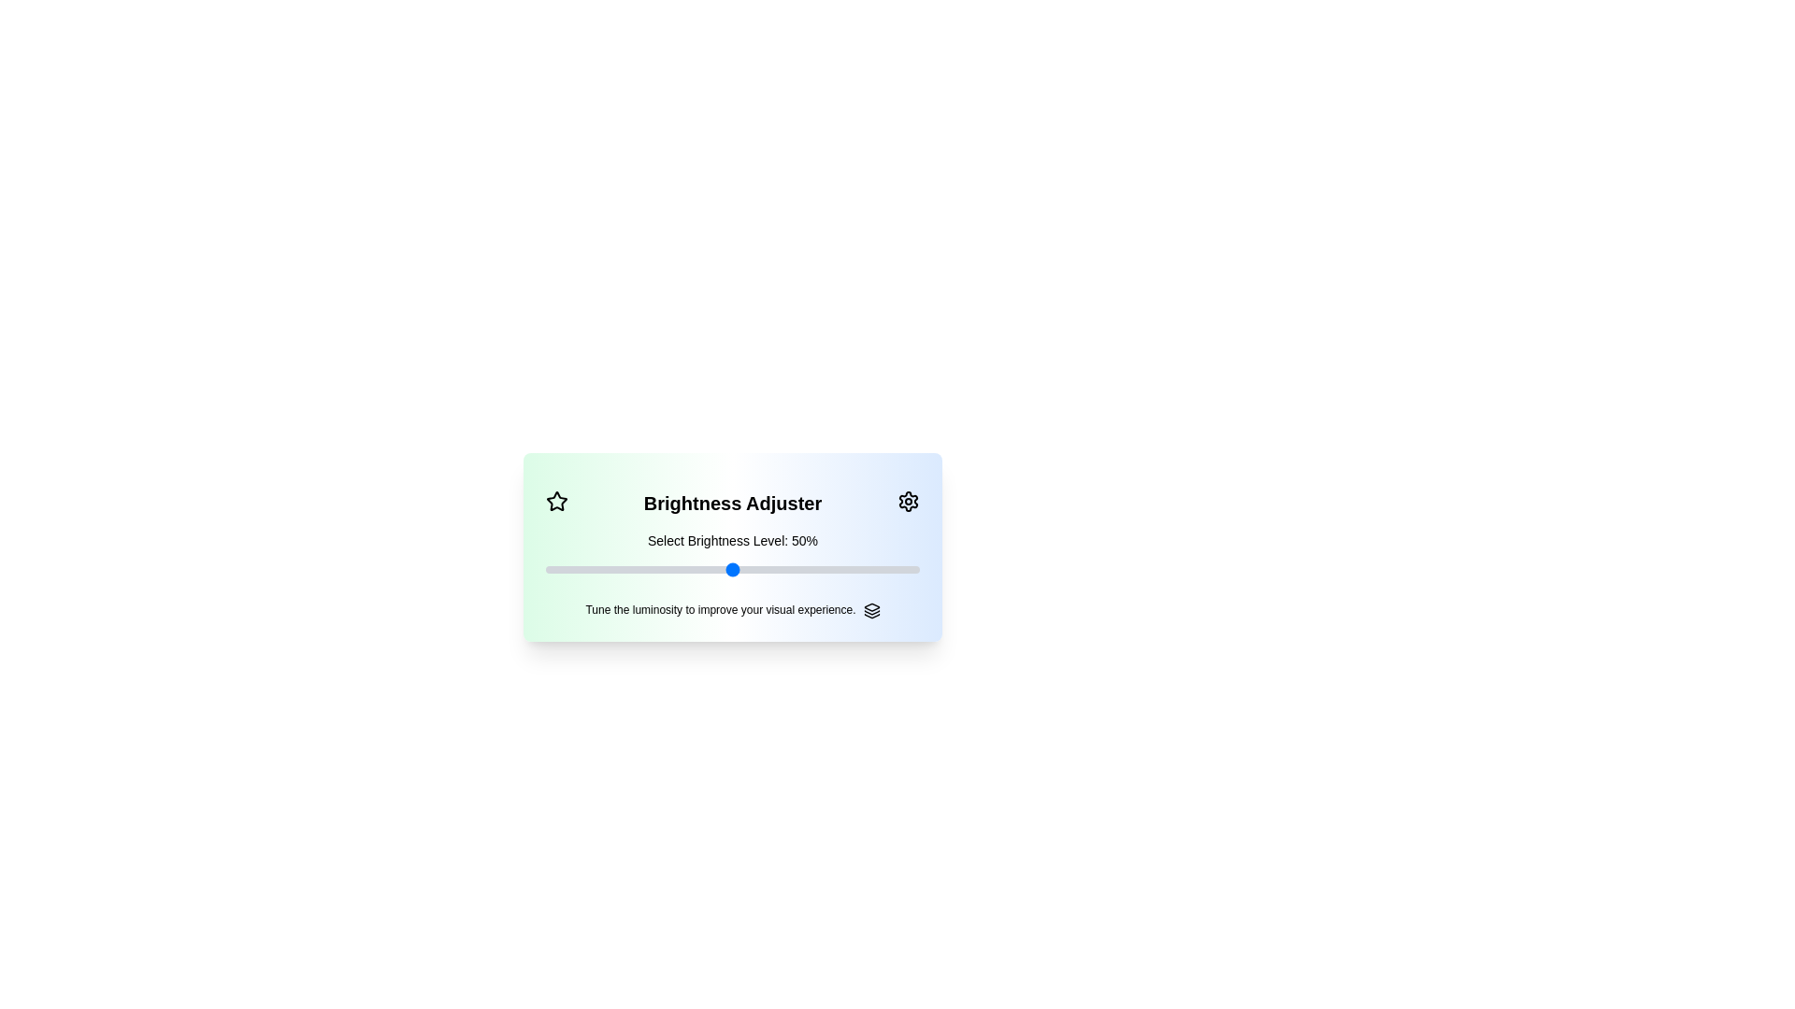 This screenshot has height=1009, width=1795. Describe the element at coordinates (731, 568) in the screenshot. I see `the brightness level to 50% by moving the slider` at that location.